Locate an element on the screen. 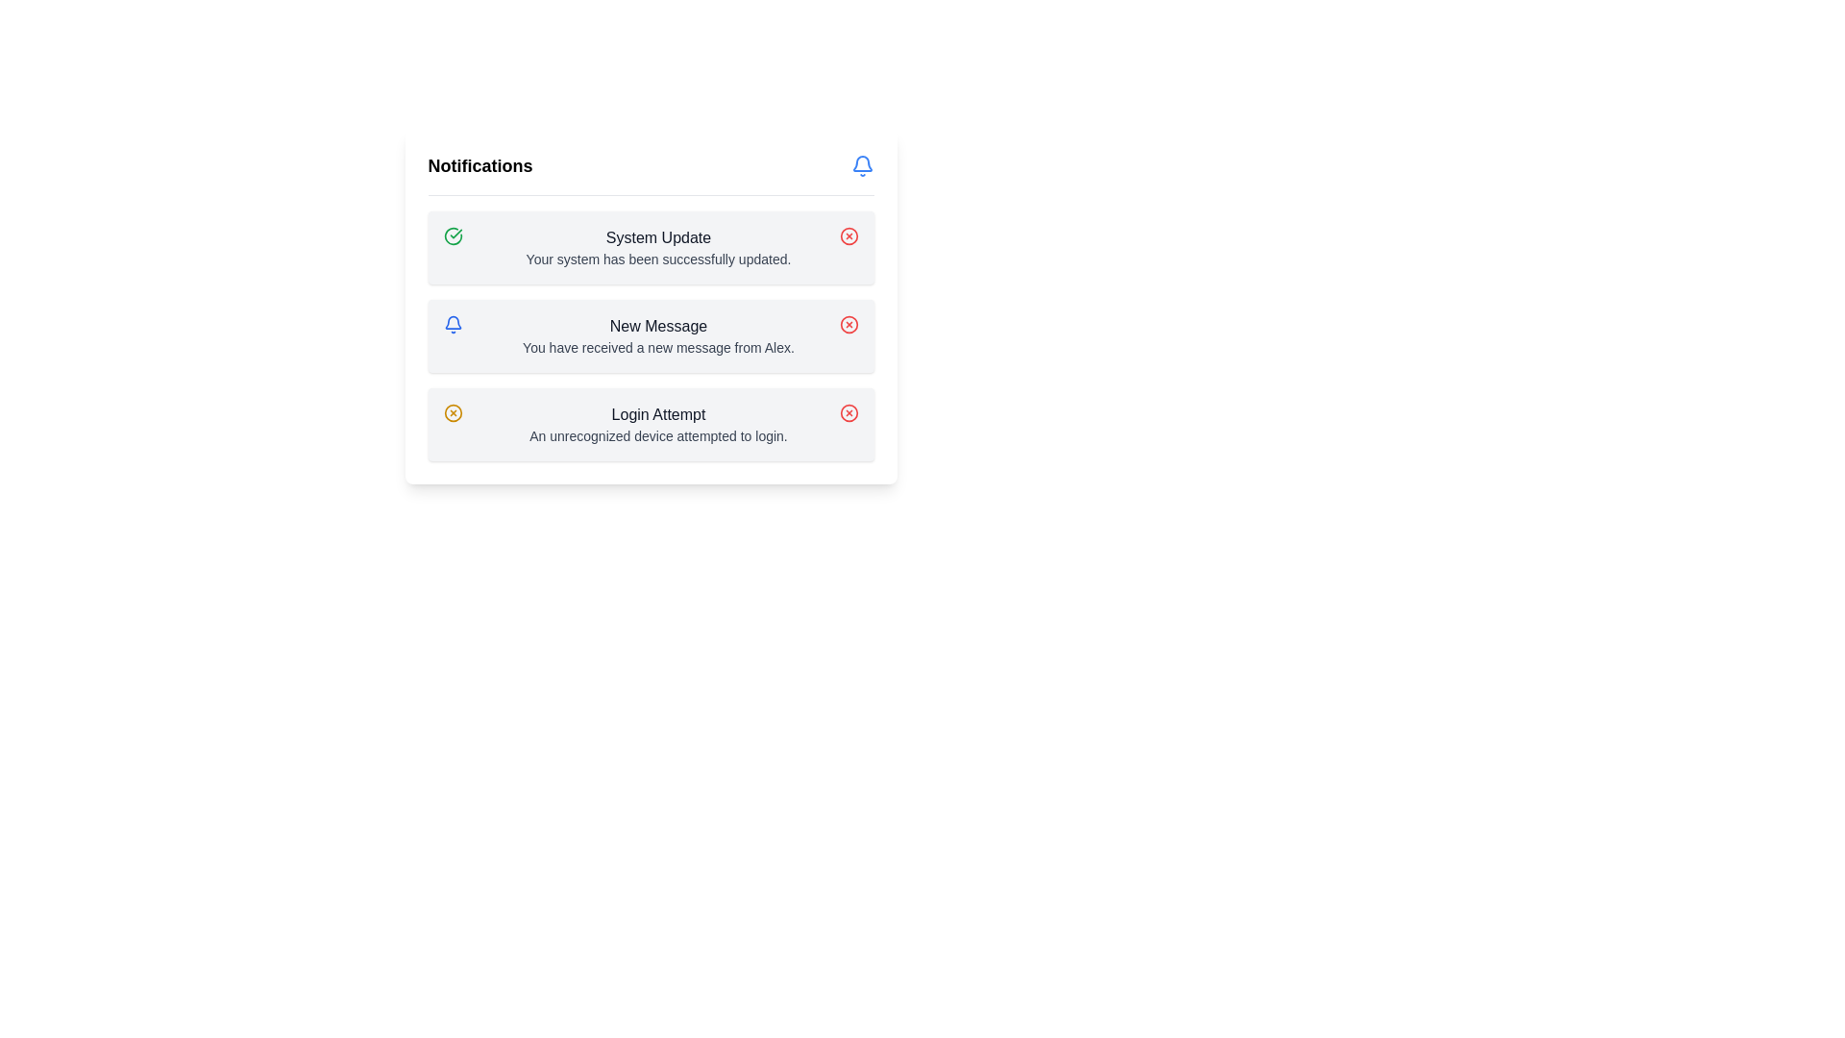 This screenshot has height=1038, width=1845. the notification icon located at the top-right corner of the notification card titled 'New Message' is located at coordinates (452, 324).